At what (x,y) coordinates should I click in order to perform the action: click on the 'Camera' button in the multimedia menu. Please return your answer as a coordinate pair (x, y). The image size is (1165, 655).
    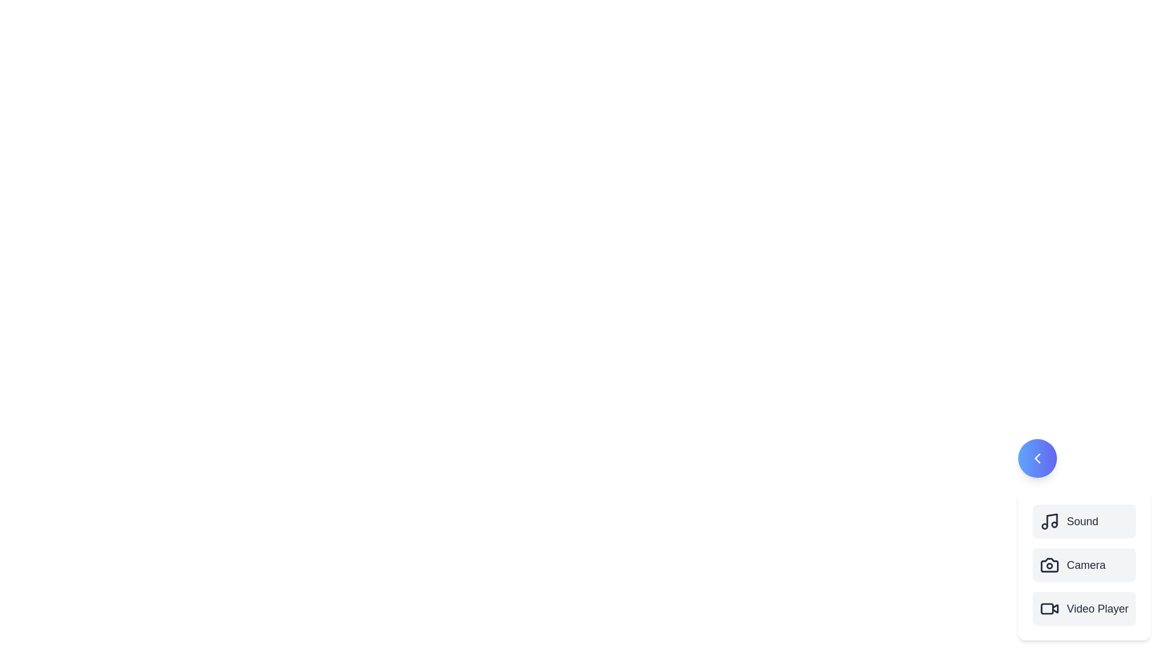
    Looking at the image, I should click on (1084, 565).